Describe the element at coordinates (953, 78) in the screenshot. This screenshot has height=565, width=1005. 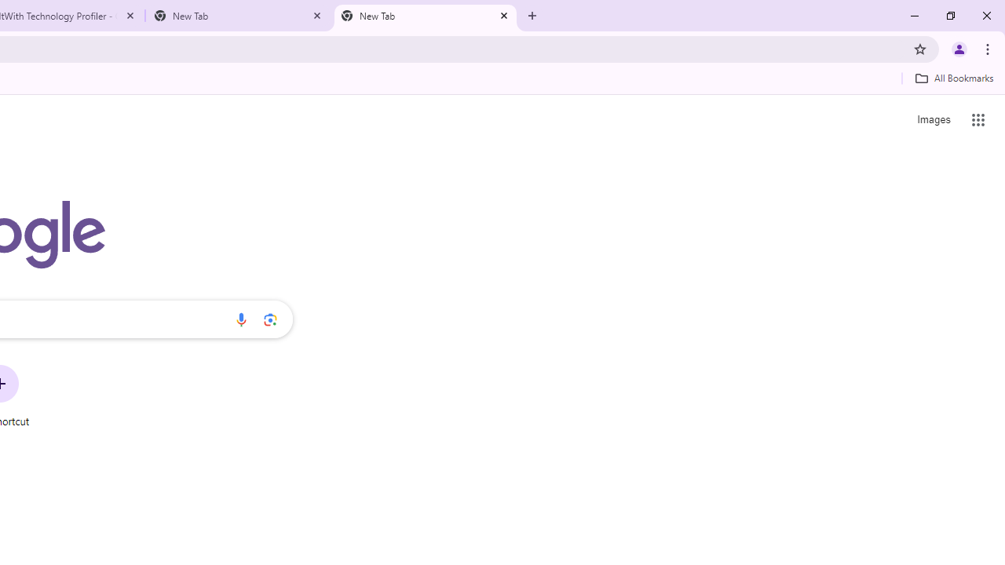
I see `'All Bookmarks'` at that location.